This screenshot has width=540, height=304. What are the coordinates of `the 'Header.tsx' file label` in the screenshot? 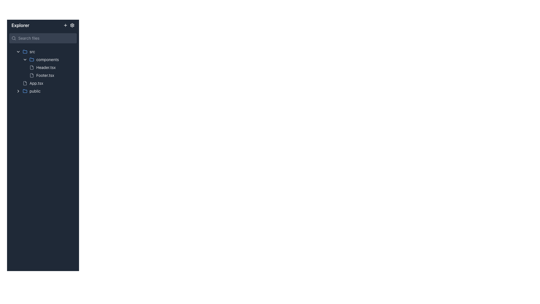 It's located at (45, 67).